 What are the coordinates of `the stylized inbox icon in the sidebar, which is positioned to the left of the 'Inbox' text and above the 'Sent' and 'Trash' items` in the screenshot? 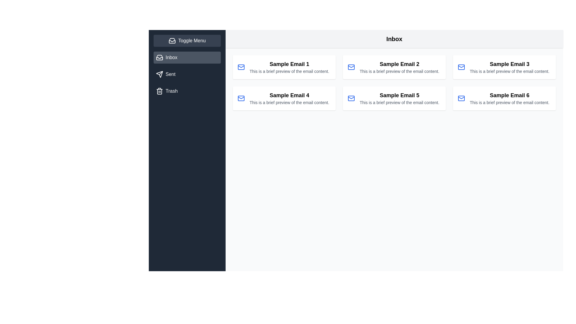 It's located at (160, 58).